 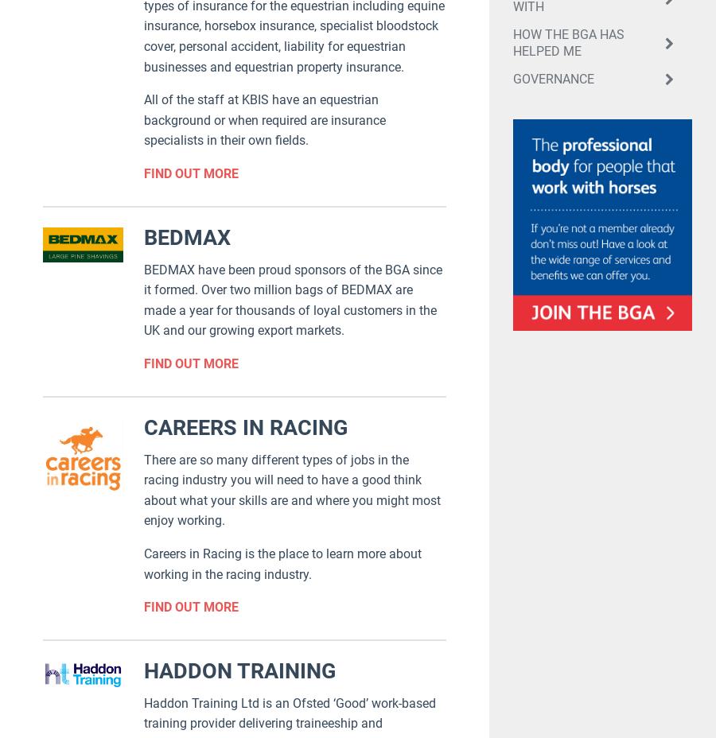 I want to click on 'Grooms Jobs Board', so click(x=335, y=505).